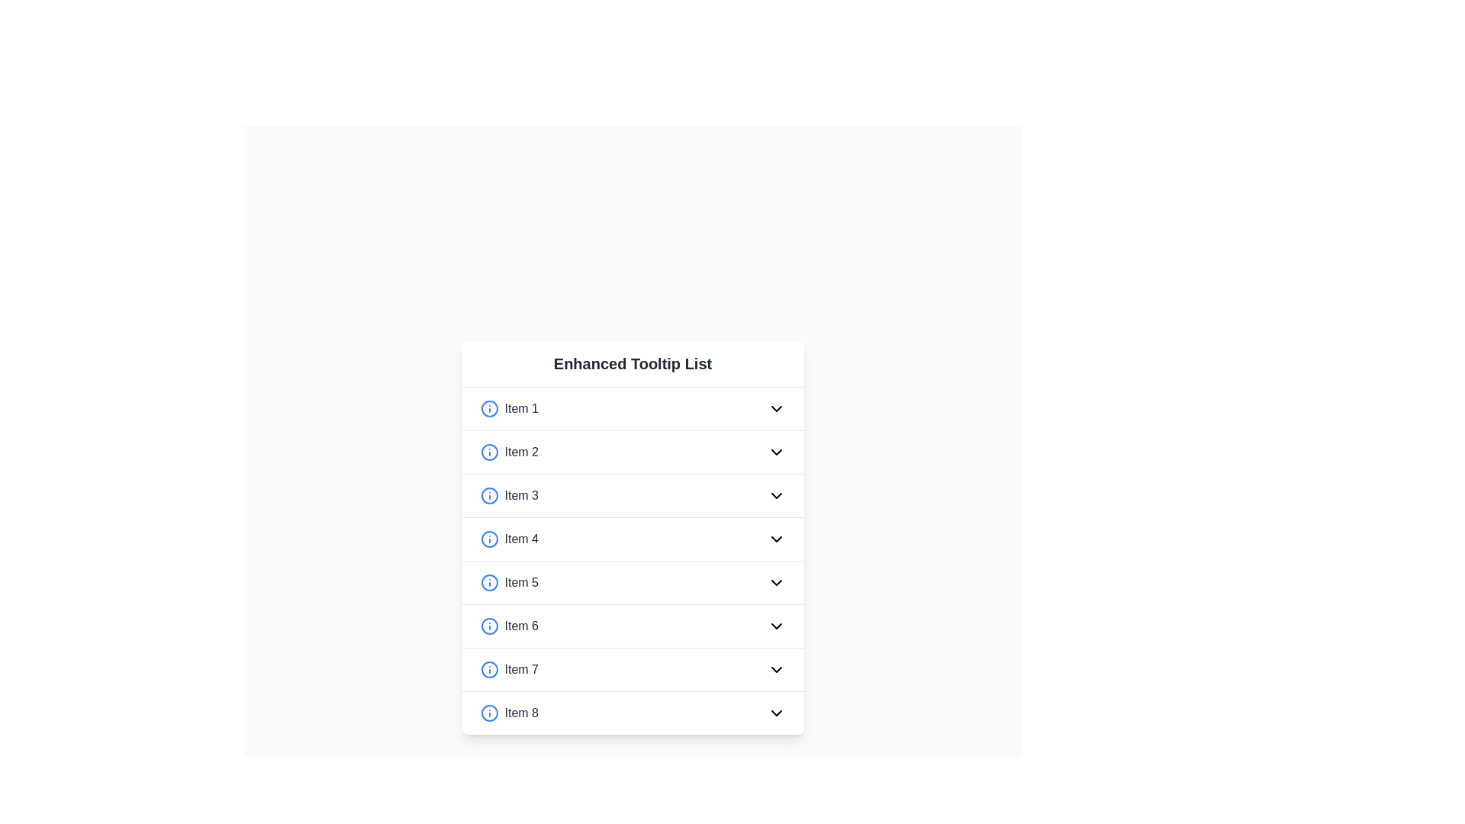 The image size is (1465, 824). I want to click on the information icon/button associated with 'Item 6', so click(489, 626).